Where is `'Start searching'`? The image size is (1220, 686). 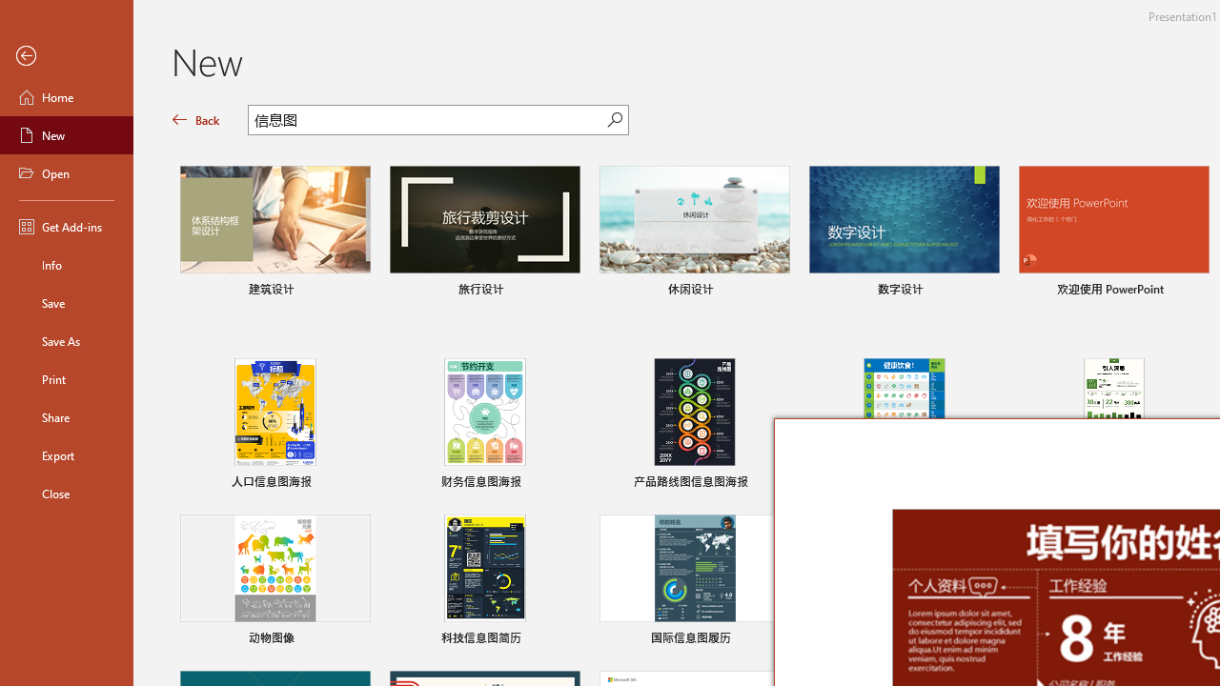 'Start searching' is located at coordinates (615, 119).